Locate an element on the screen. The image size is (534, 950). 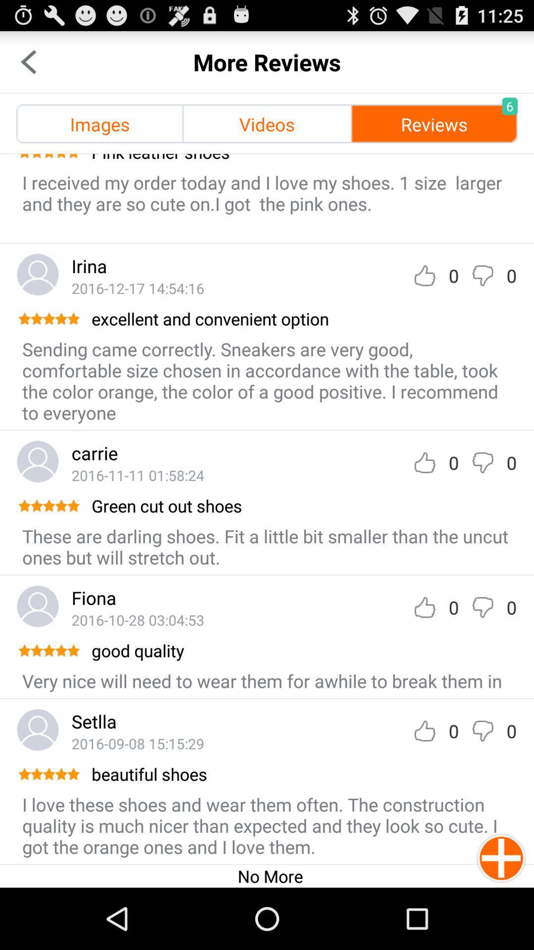
liked is located at coordinates (424, 276).